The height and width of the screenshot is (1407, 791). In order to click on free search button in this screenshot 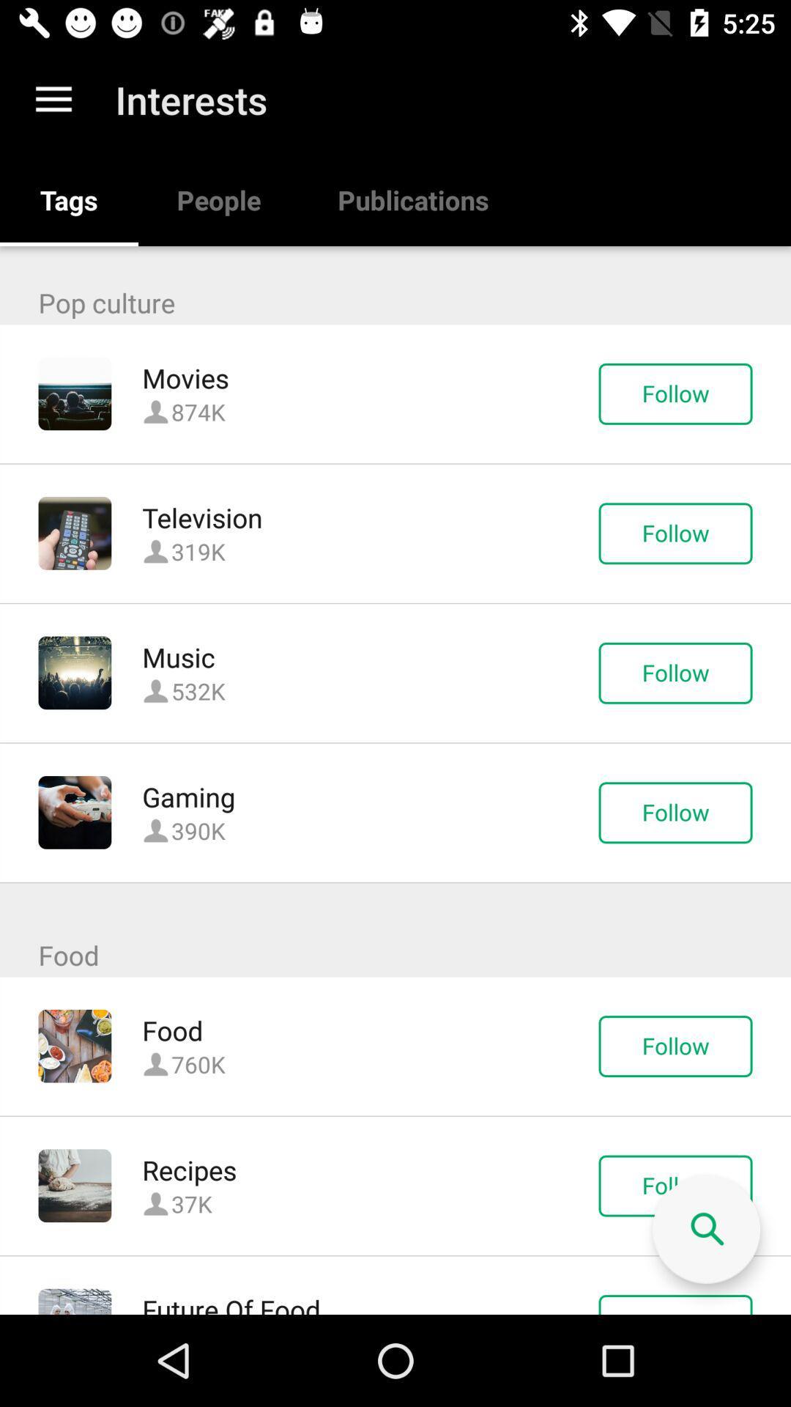, I will do `click(705, 1230)`.